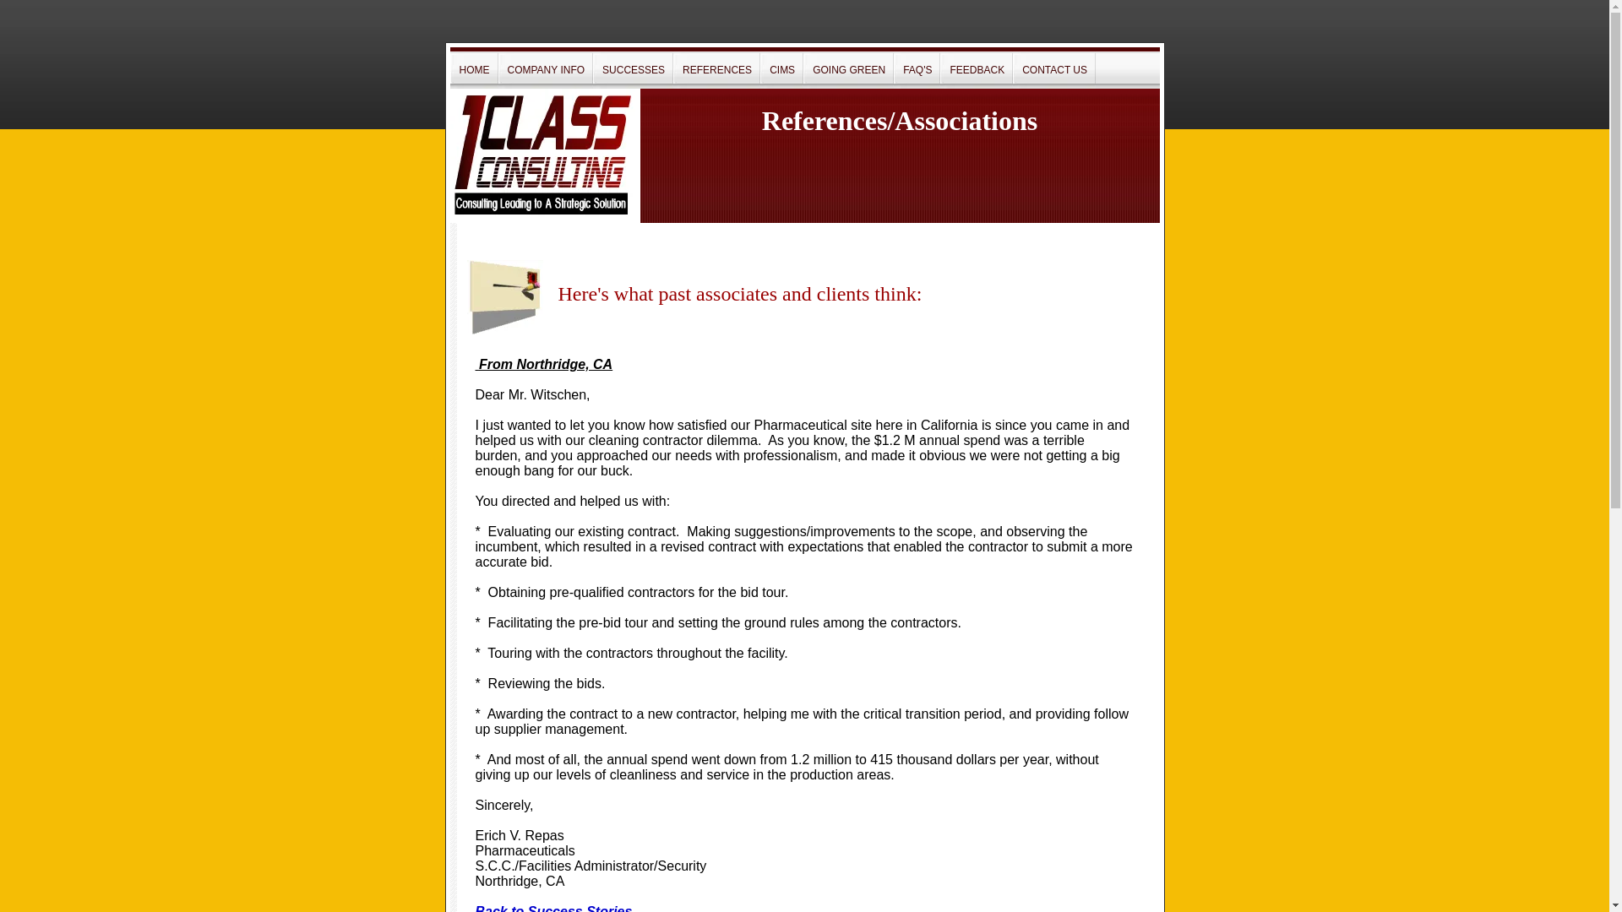 This screenshot has width=1622, height=912. What do you see at coordinates (473, 69) in the screenshot?
I see `'HOME'` at bounding box center [473, 69].